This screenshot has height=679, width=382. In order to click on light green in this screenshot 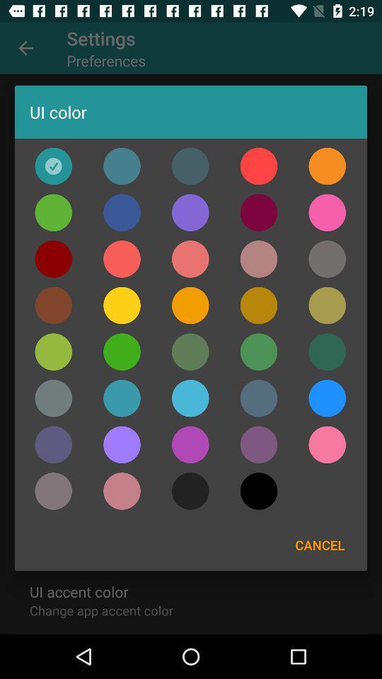, I will do `click(122, 351)`.